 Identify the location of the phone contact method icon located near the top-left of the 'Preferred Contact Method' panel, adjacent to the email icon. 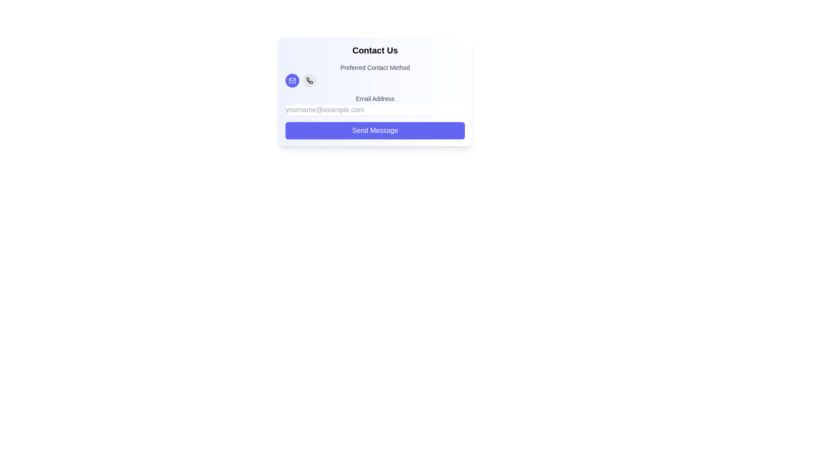
(310, 80).